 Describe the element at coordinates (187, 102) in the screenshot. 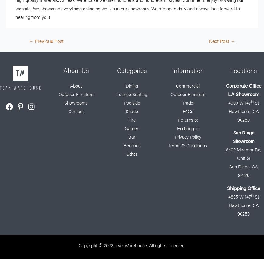

I see `'Trade'` at that location.